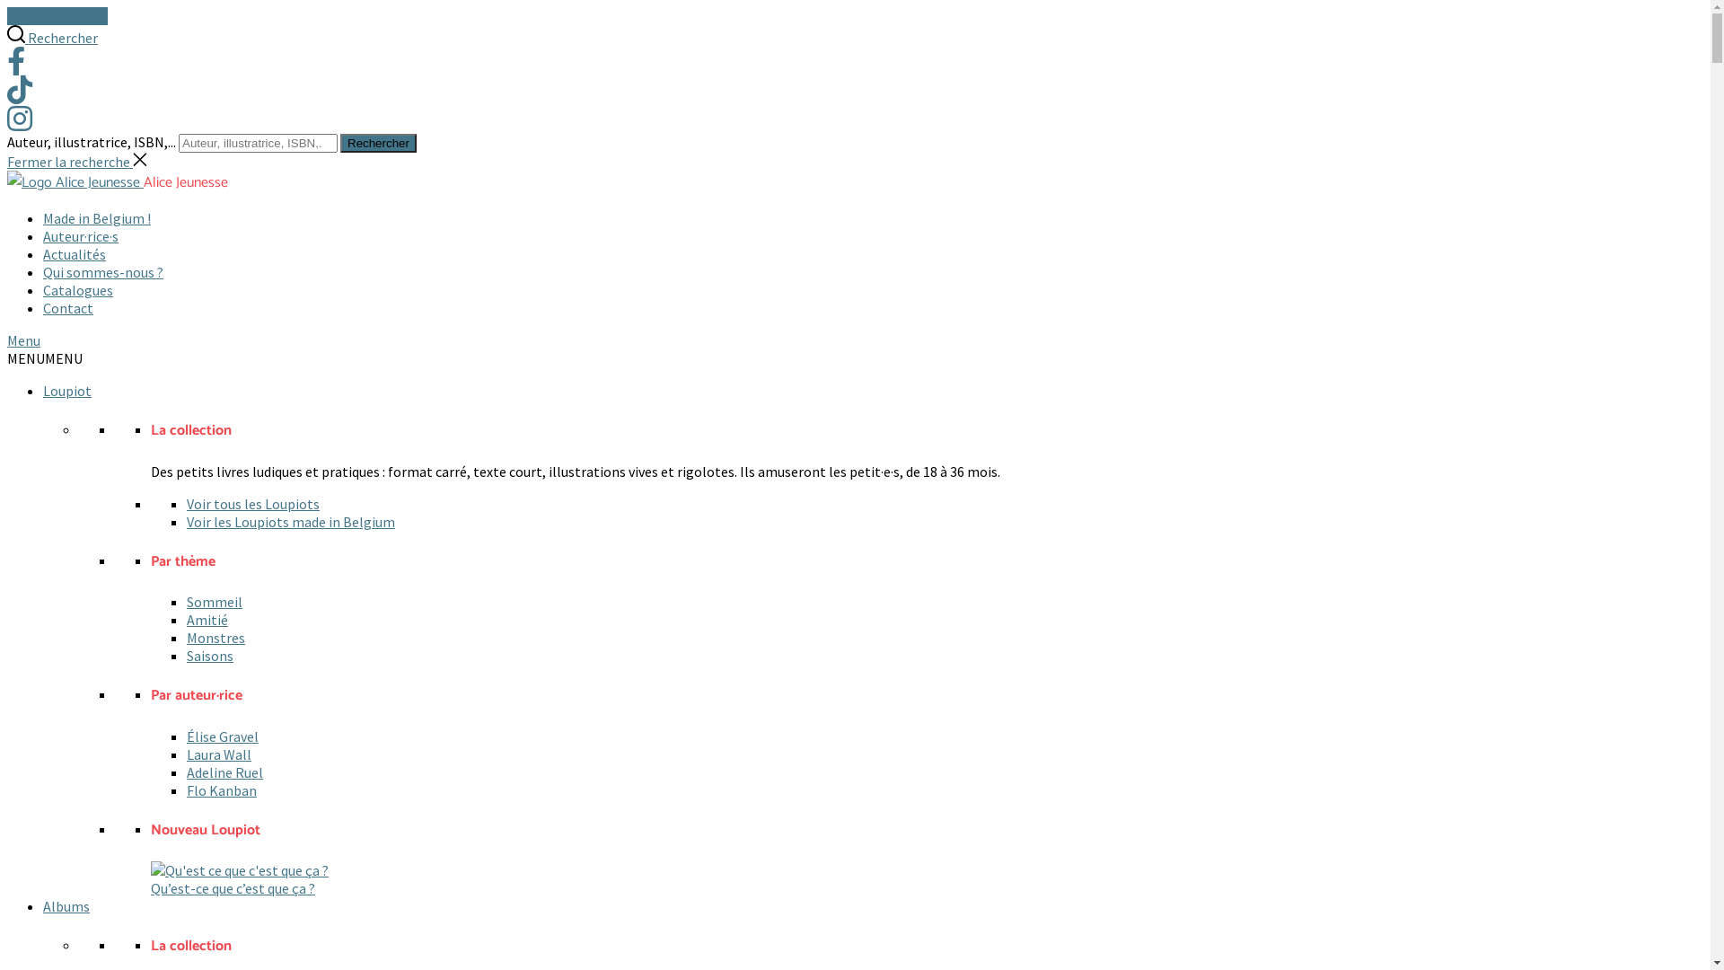  I want to click on 'Monstres', so click(215, 636).